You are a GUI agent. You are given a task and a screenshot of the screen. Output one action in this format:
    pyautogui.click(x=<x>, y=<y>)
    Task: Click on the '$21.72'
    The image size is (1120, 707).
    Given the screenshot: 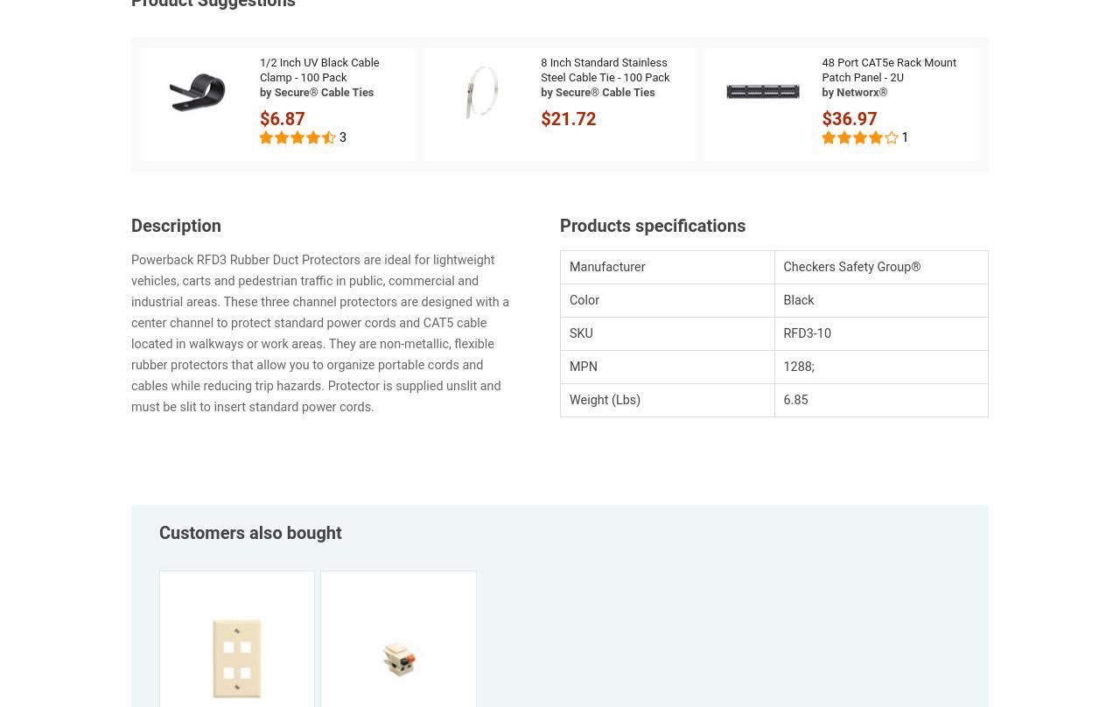 What is the action you would take?
    pyautogui.click(x=568, y=117)
    